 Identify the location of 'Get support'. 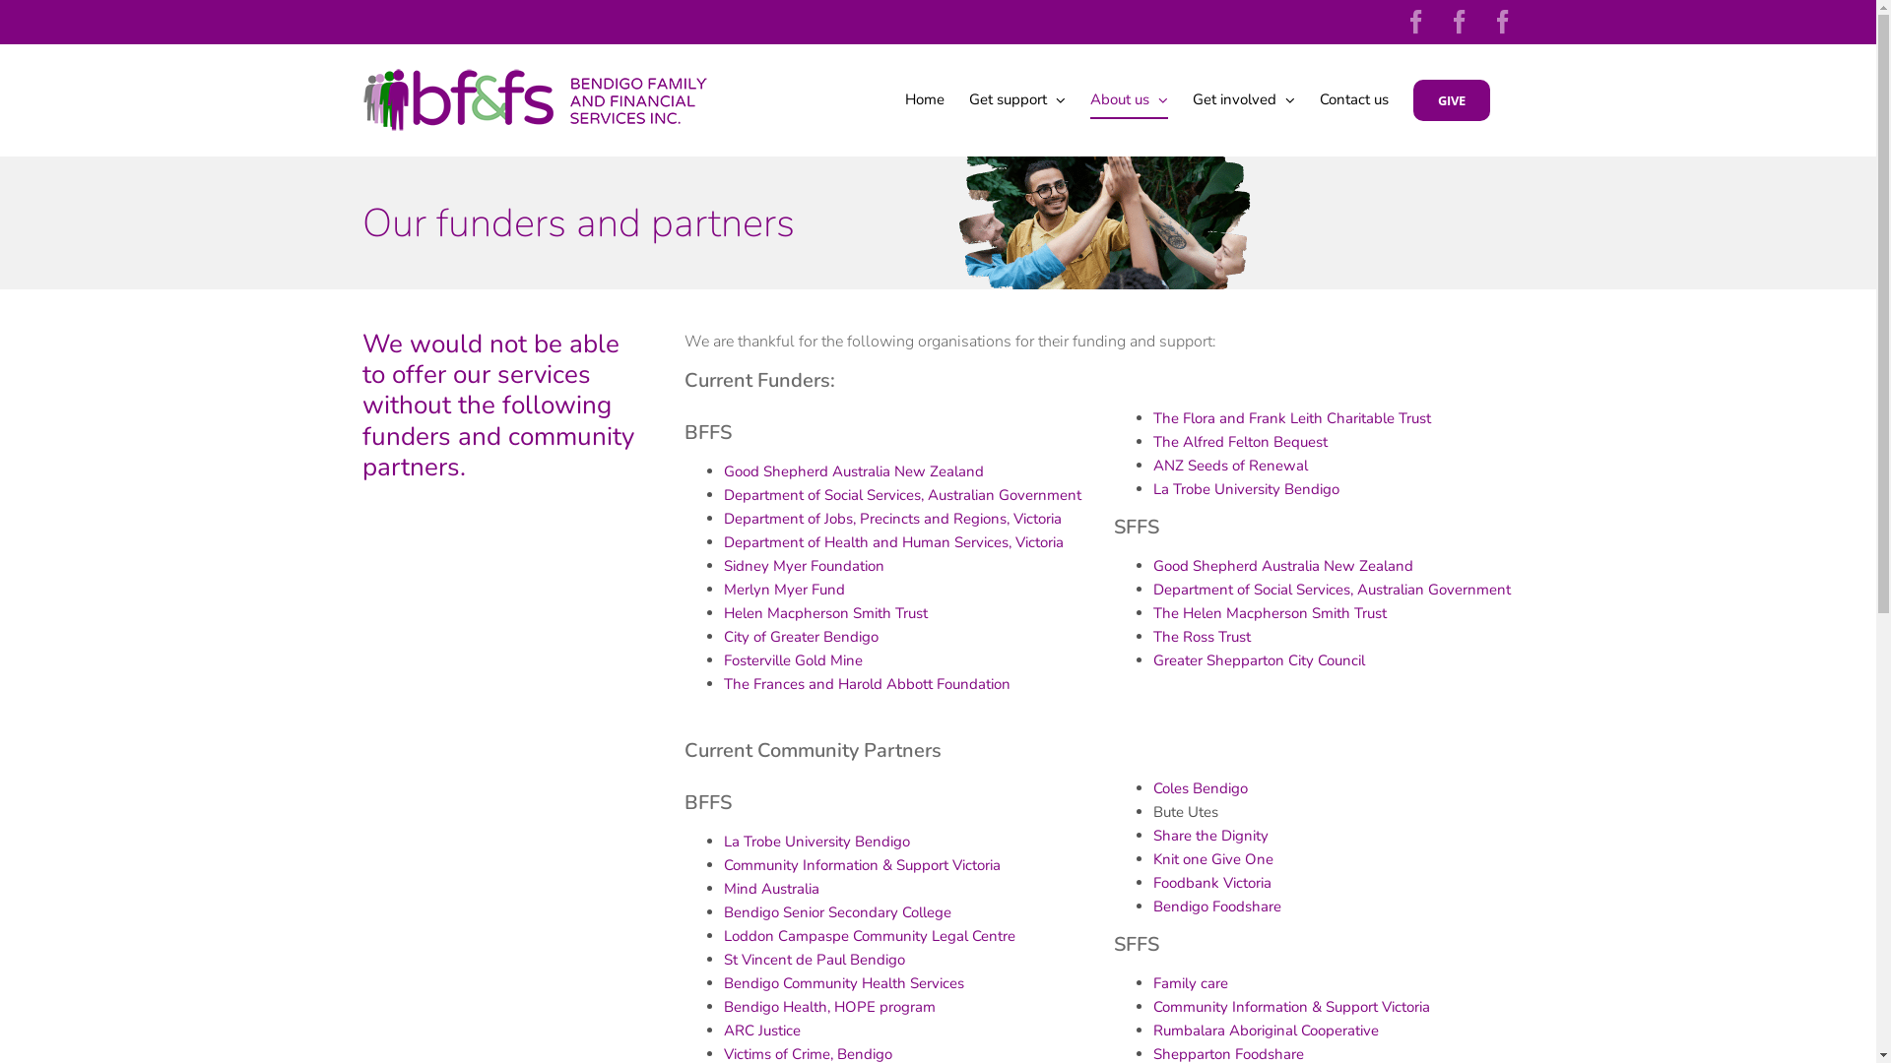
(968, 99).